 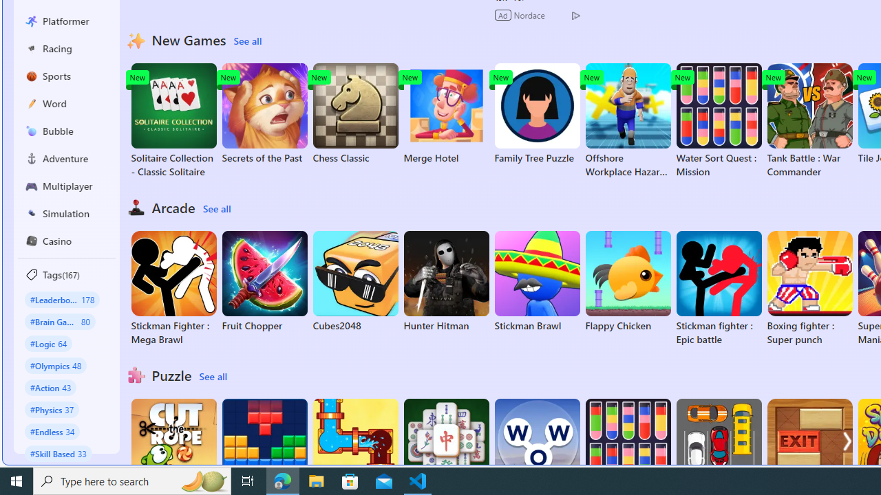 I want to click on 'Solitaire Collection - Classic Solitaire', so click(x=173, y=120).